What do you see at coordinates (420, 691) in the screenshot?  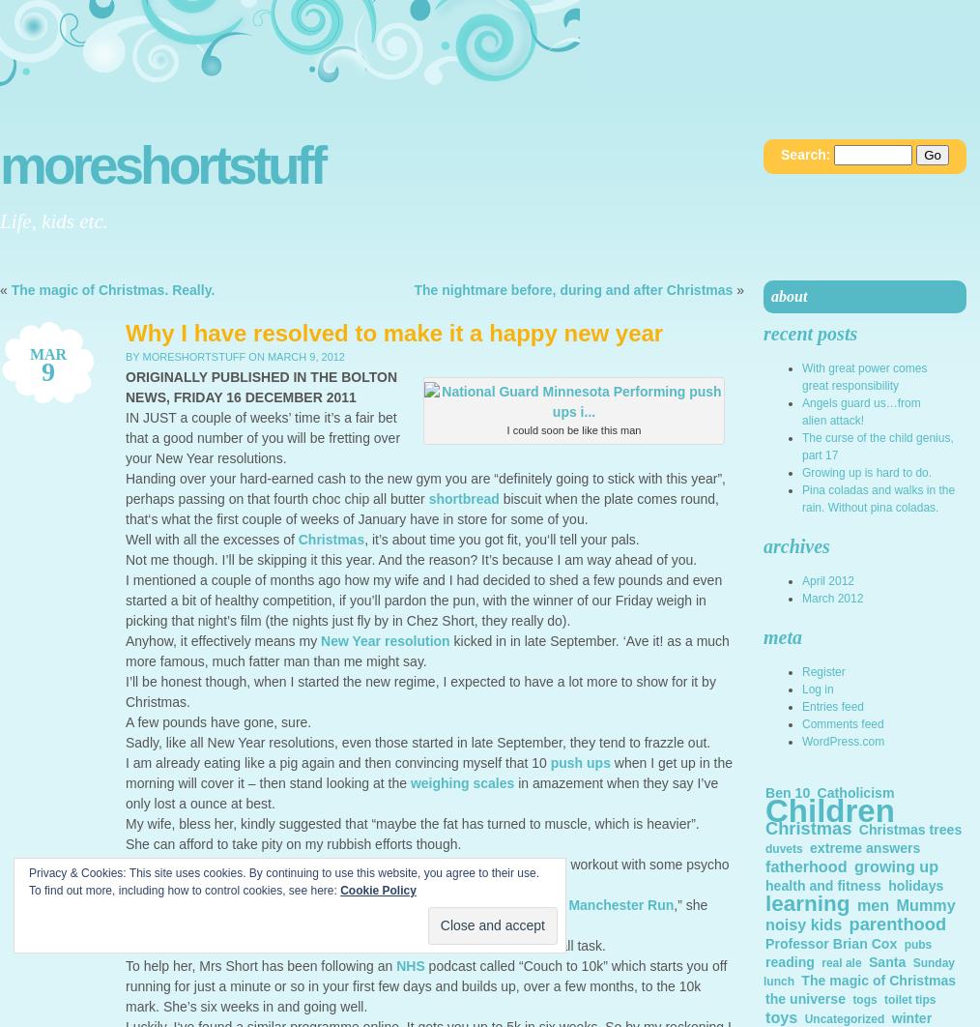 I see `'I’ll be honest though, when I started the new regime, I expected to have a lot more to show for it by Christmas.'` at bounding box center [420, 691].